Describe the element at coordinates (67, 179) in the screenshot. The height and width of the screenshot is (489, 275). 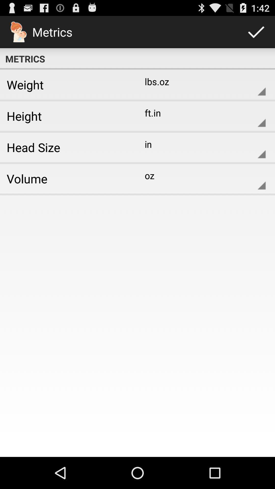
I see `item to the left of oz app` at that location.